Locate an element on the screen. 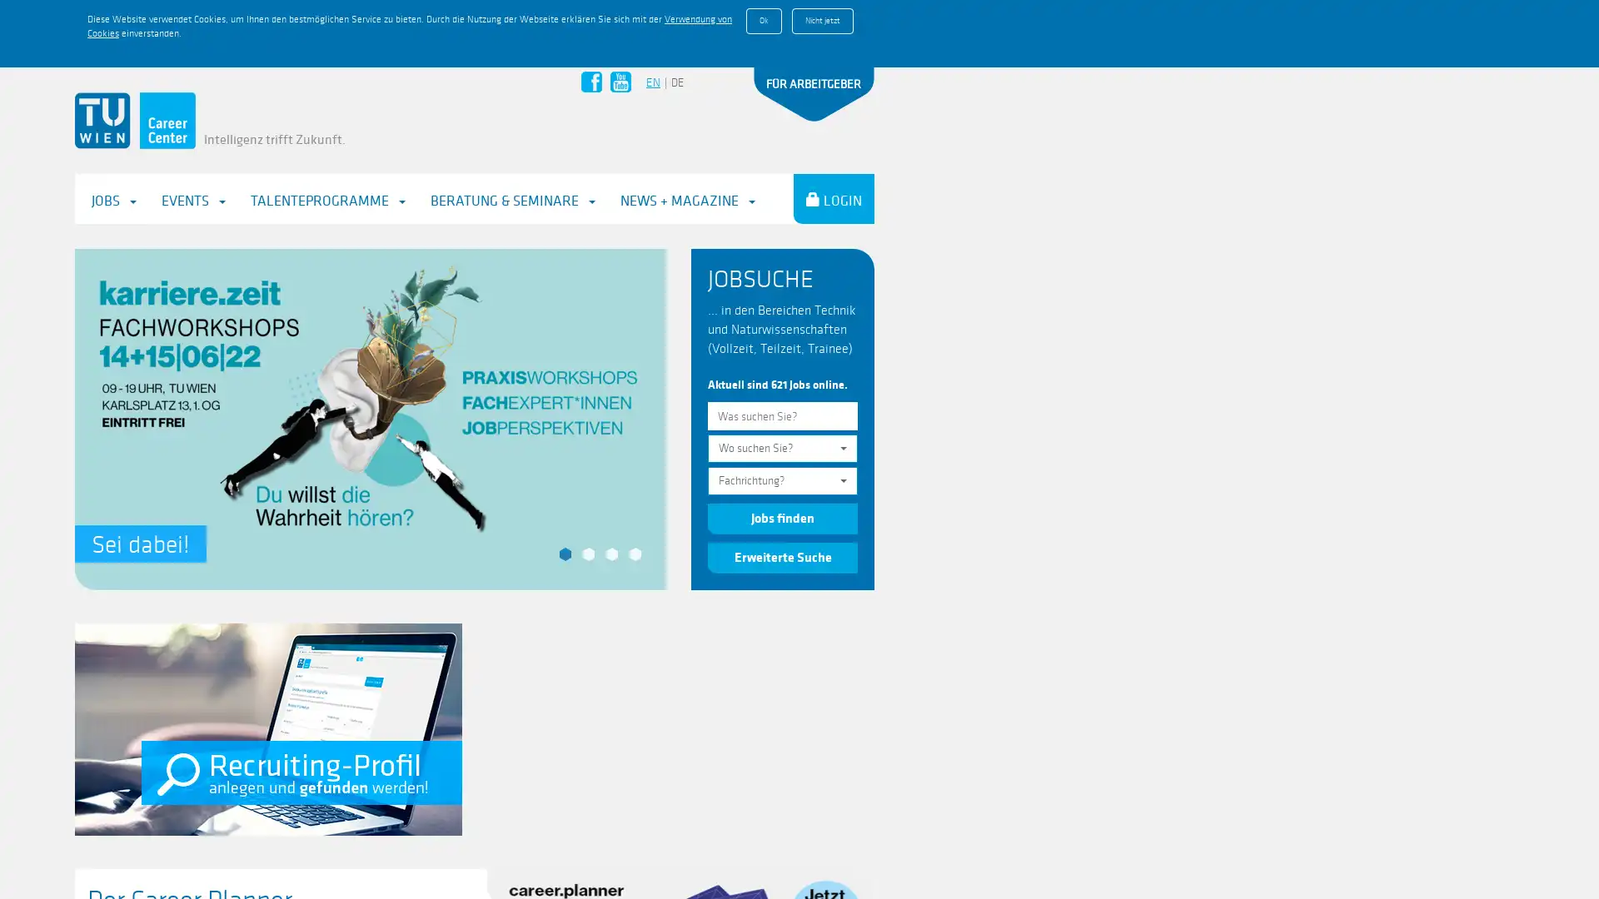  Wo suchen Sie? is located at coordinates (782, 381).